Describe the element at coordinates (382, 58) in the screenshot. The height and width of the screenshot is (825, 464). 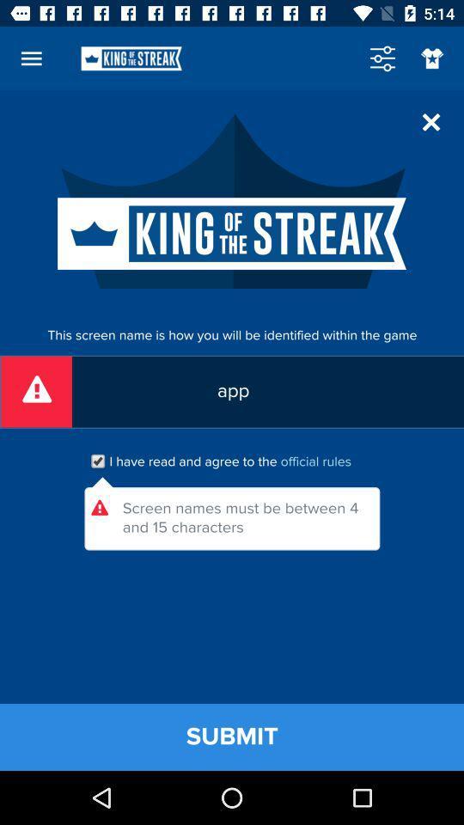
I see `storage` at that location.